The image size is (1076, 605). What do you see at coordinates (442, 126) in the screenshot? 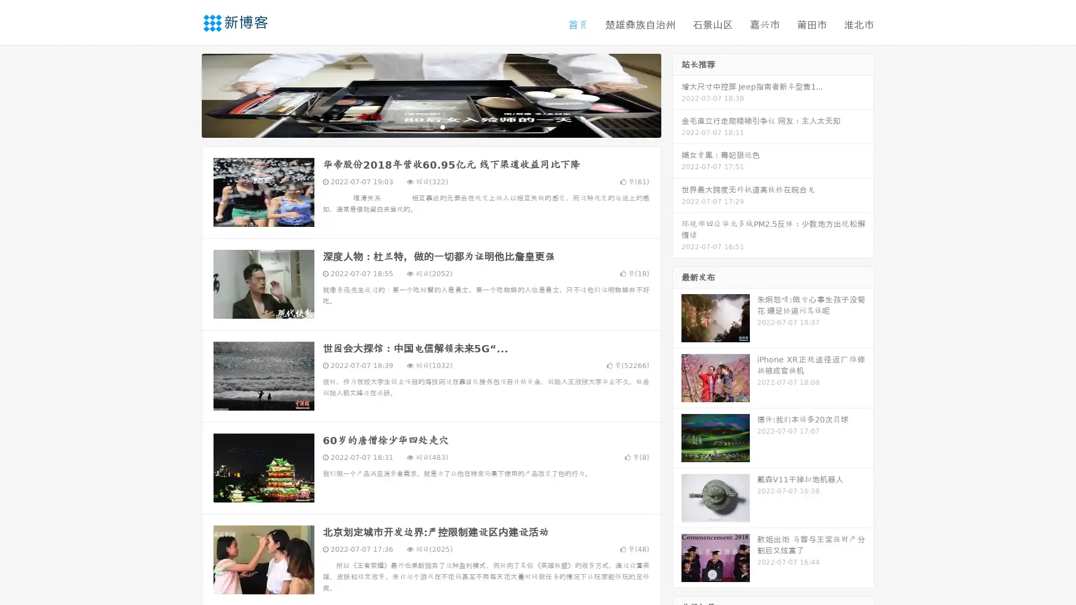
I see `Go to slide 3` at bounding box center [442, 126].